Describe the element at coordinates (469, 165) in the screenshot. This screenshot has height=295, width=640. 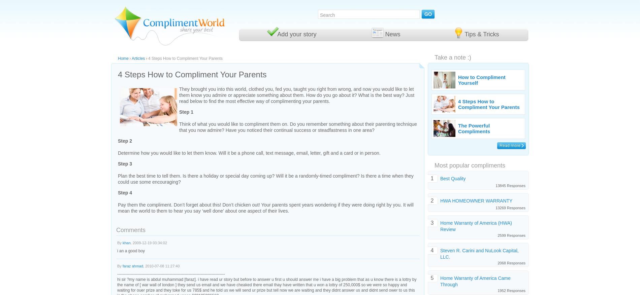
I see `'Most popular compliments'` at that location.